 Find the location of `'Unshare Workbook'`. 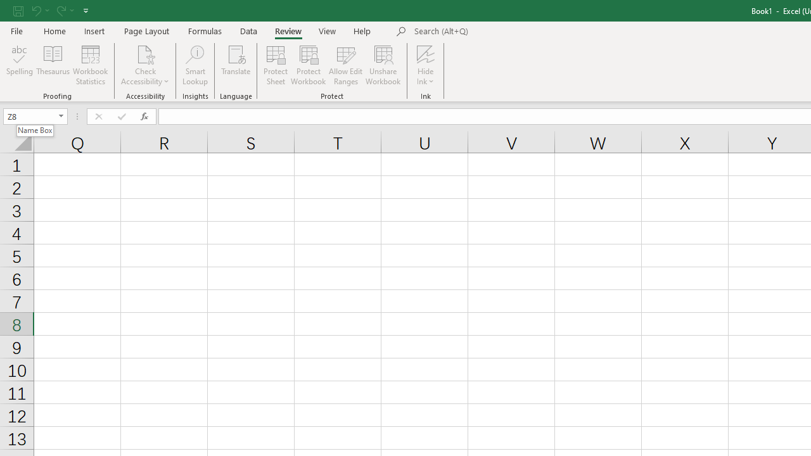

'Unshare Workbook' is located at coordinates (382, 65).